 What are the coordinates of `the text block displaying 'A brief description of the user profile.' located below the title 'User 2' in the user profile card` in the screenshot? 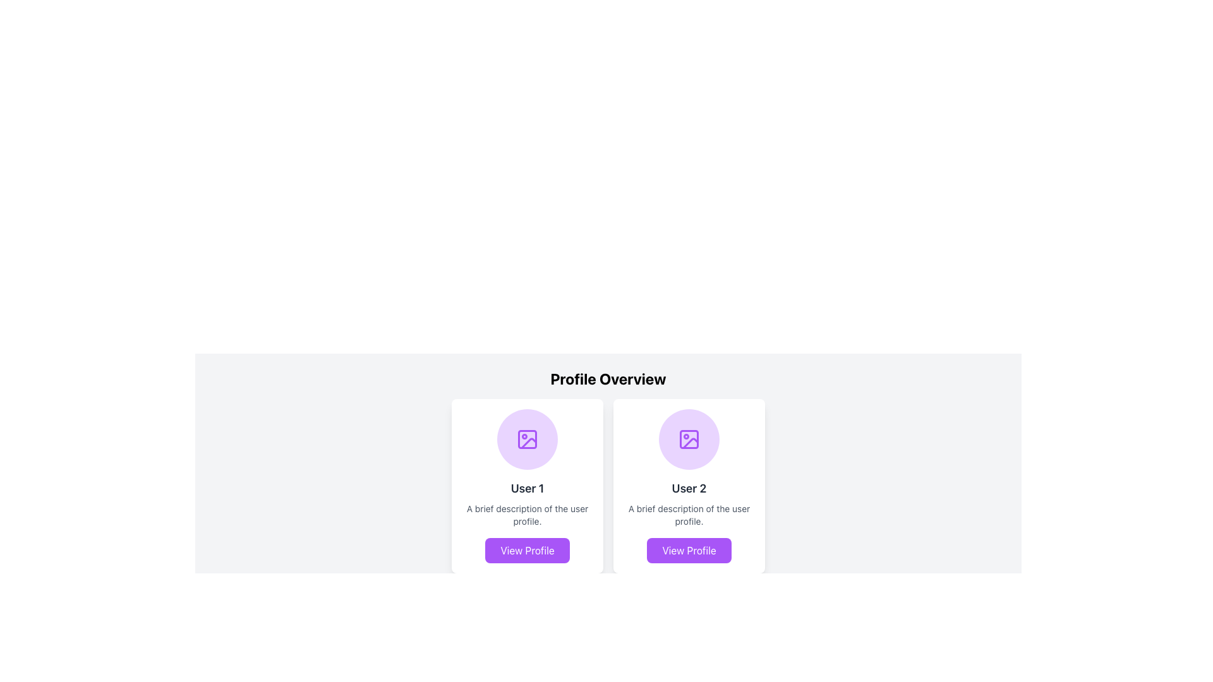 It's located at (688, 515).